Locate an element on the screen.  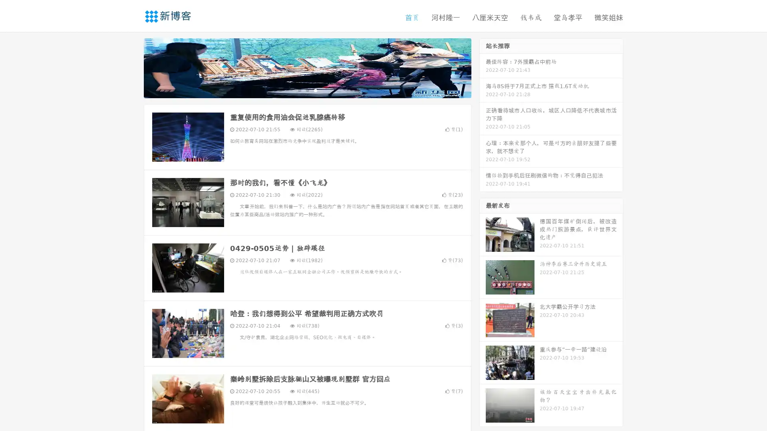
Go to slide 3 is located at coordinates (315, 90).